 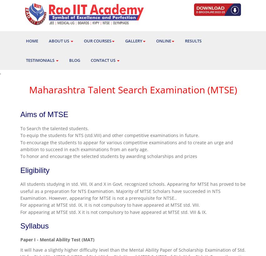 What do you see at coordinates (20, 156) in the screenshot?
I see `'To honor and encourage the selected students by awarding scholarships and prizes'` at bounding box center [20, 156].